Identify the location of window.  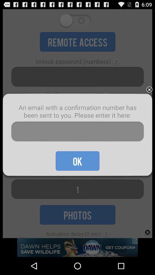
(149, 90).